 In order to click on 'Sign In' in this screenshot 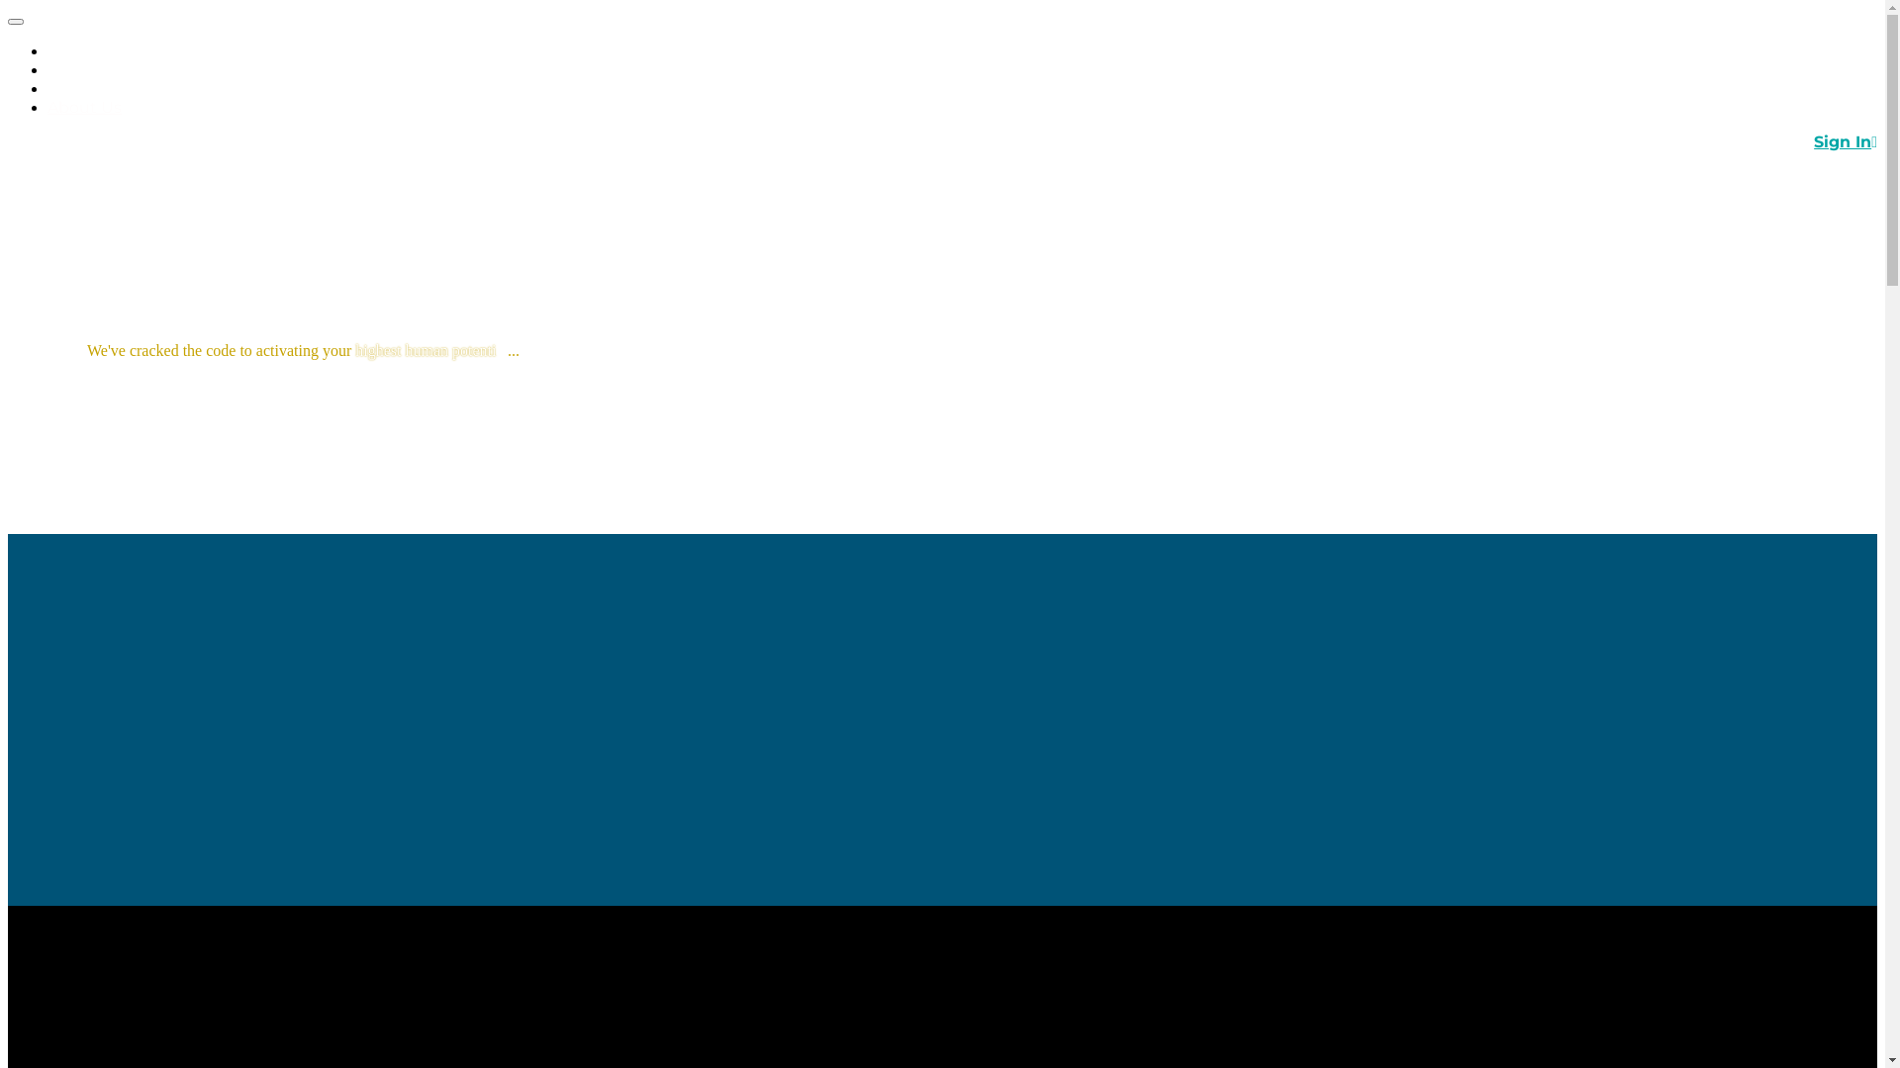, I will do `click(1845, 140)`.